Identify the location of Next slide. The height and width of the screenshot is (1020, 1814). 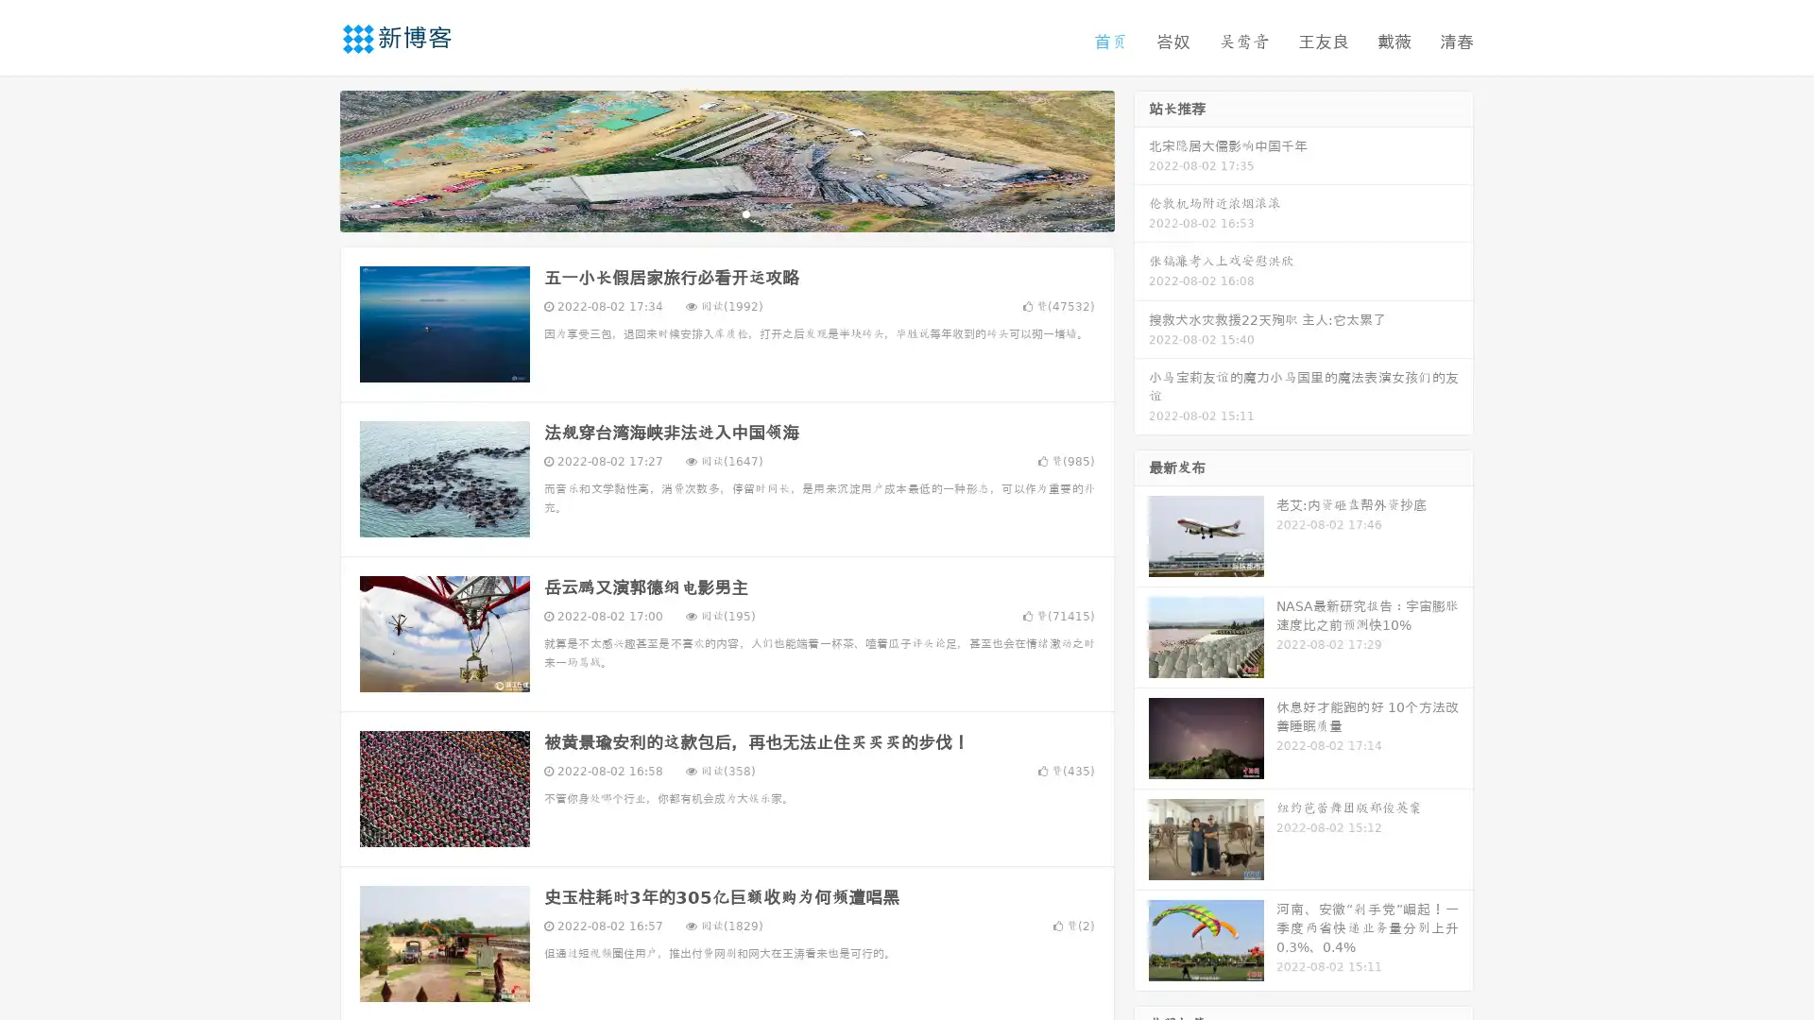
(1141, 159).